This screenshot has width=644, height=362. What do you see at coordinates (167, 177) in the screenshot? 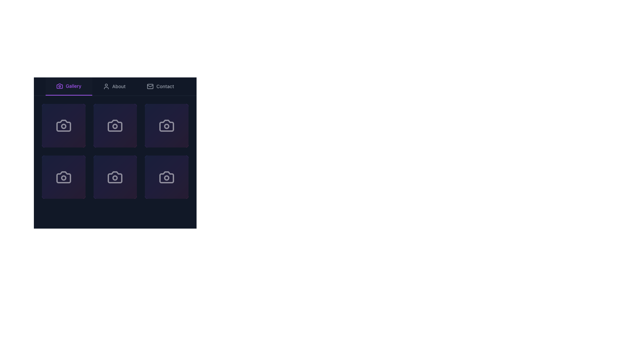
I see `the interactive button located in the bottom-right corner of the second row of the grid` at bounding box center [167, 177].